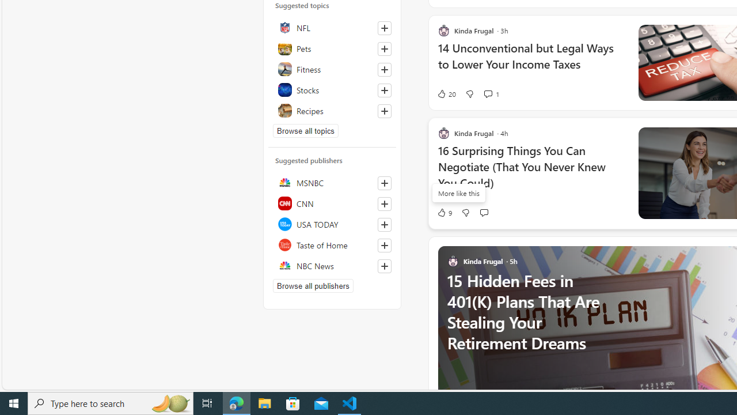 The width and height of the screenshot is (737, 415). Describe the element at coordinates (332, 69) in the screenshot. I see `'Fitness'` at that location.